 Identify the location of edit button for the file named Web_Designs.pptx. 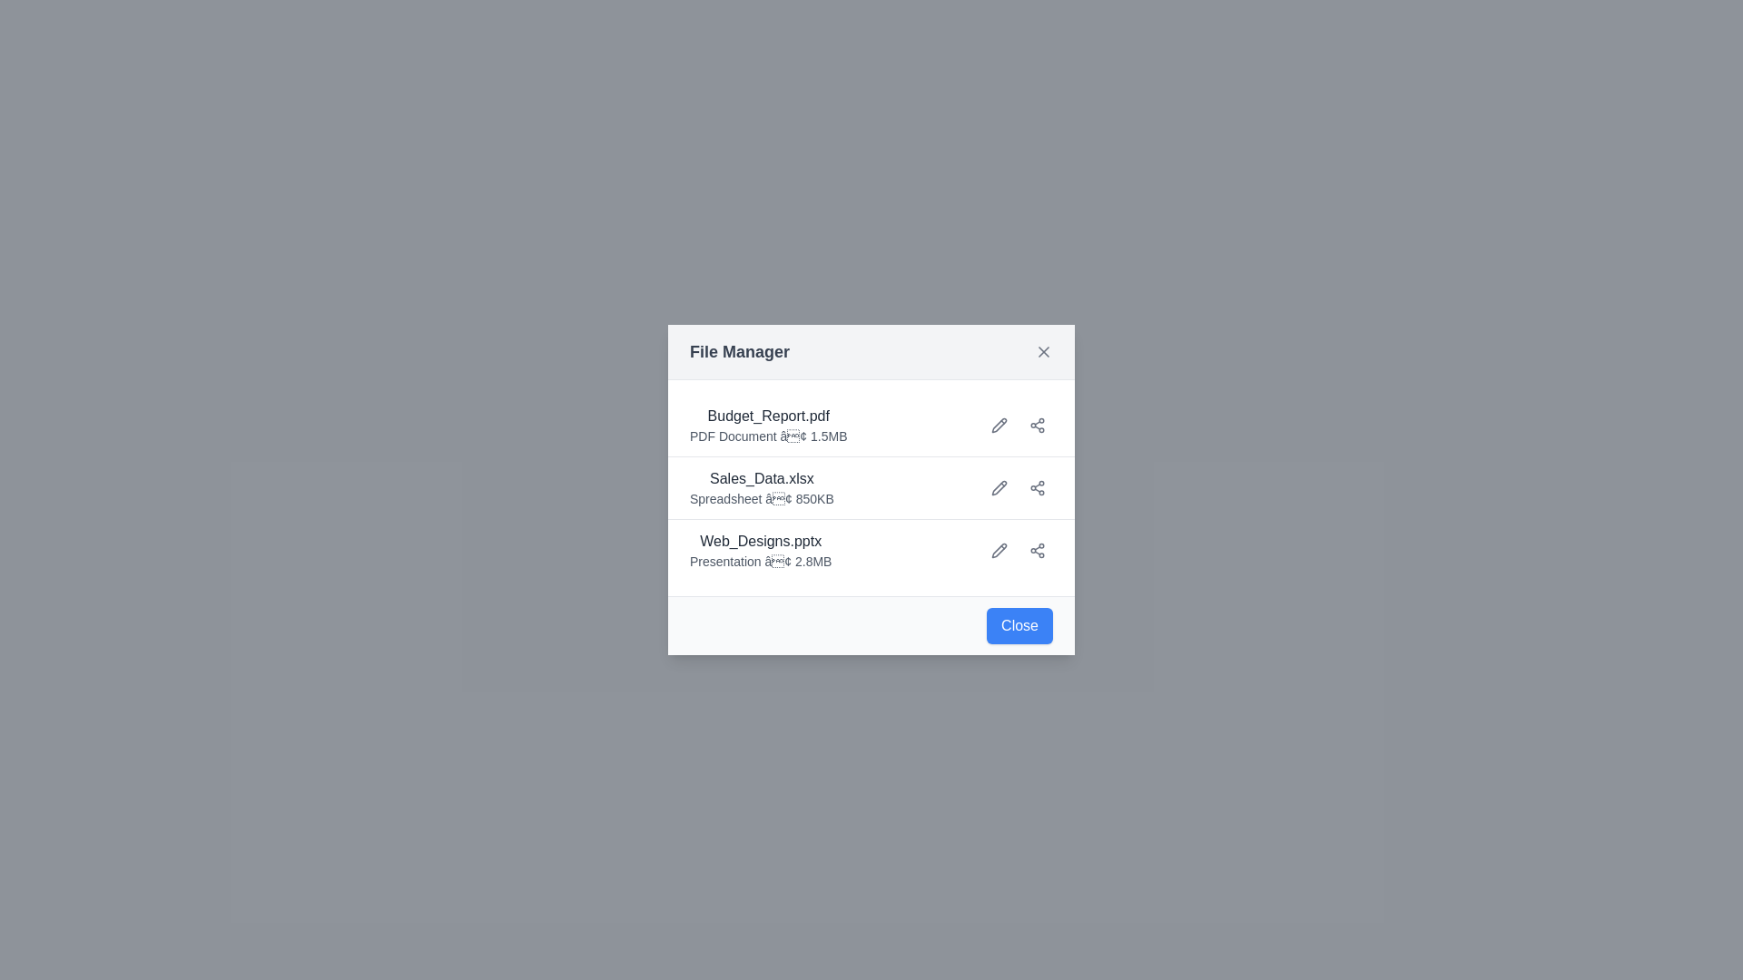
(998, 549).